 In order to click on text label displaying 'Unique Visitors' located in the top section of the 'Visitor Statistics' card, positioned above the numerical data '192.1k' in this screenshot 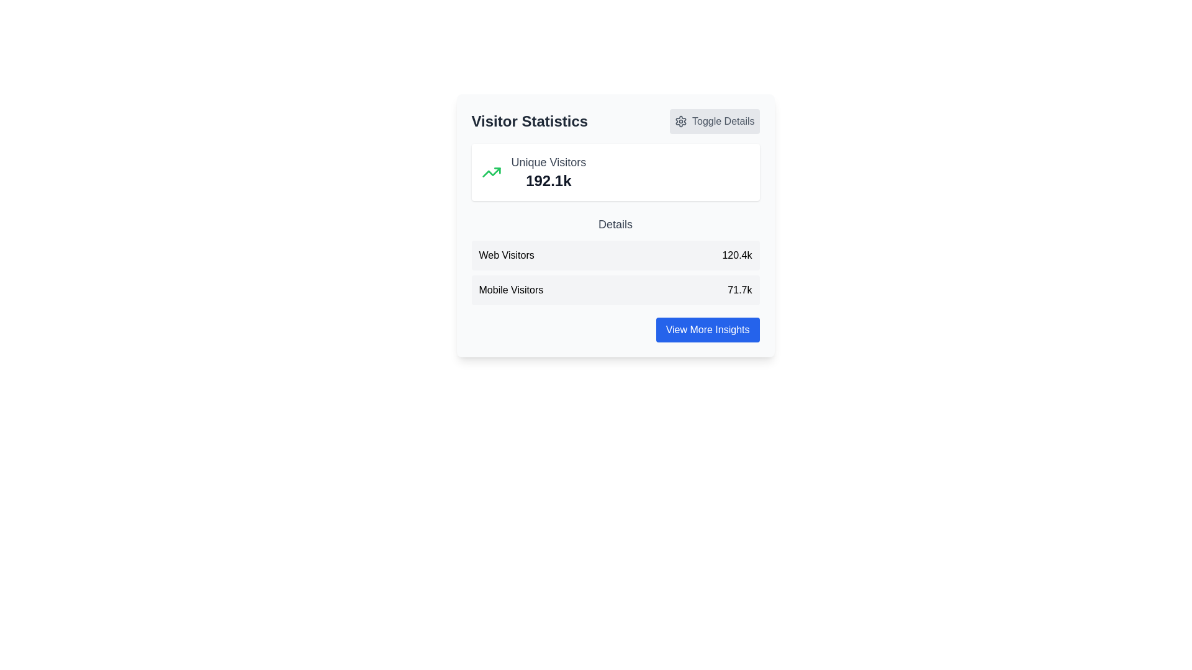, I will do `click(548, 162)`.